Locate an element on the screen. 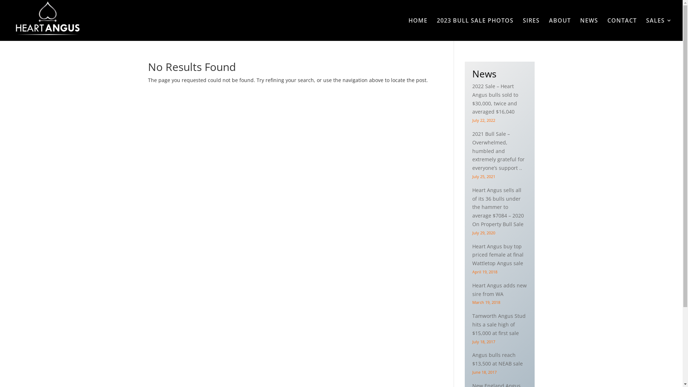 This screenshot has width=688, height=387. 'Heart Angus adds new sire from WA' is located at coordinates (499, 289).